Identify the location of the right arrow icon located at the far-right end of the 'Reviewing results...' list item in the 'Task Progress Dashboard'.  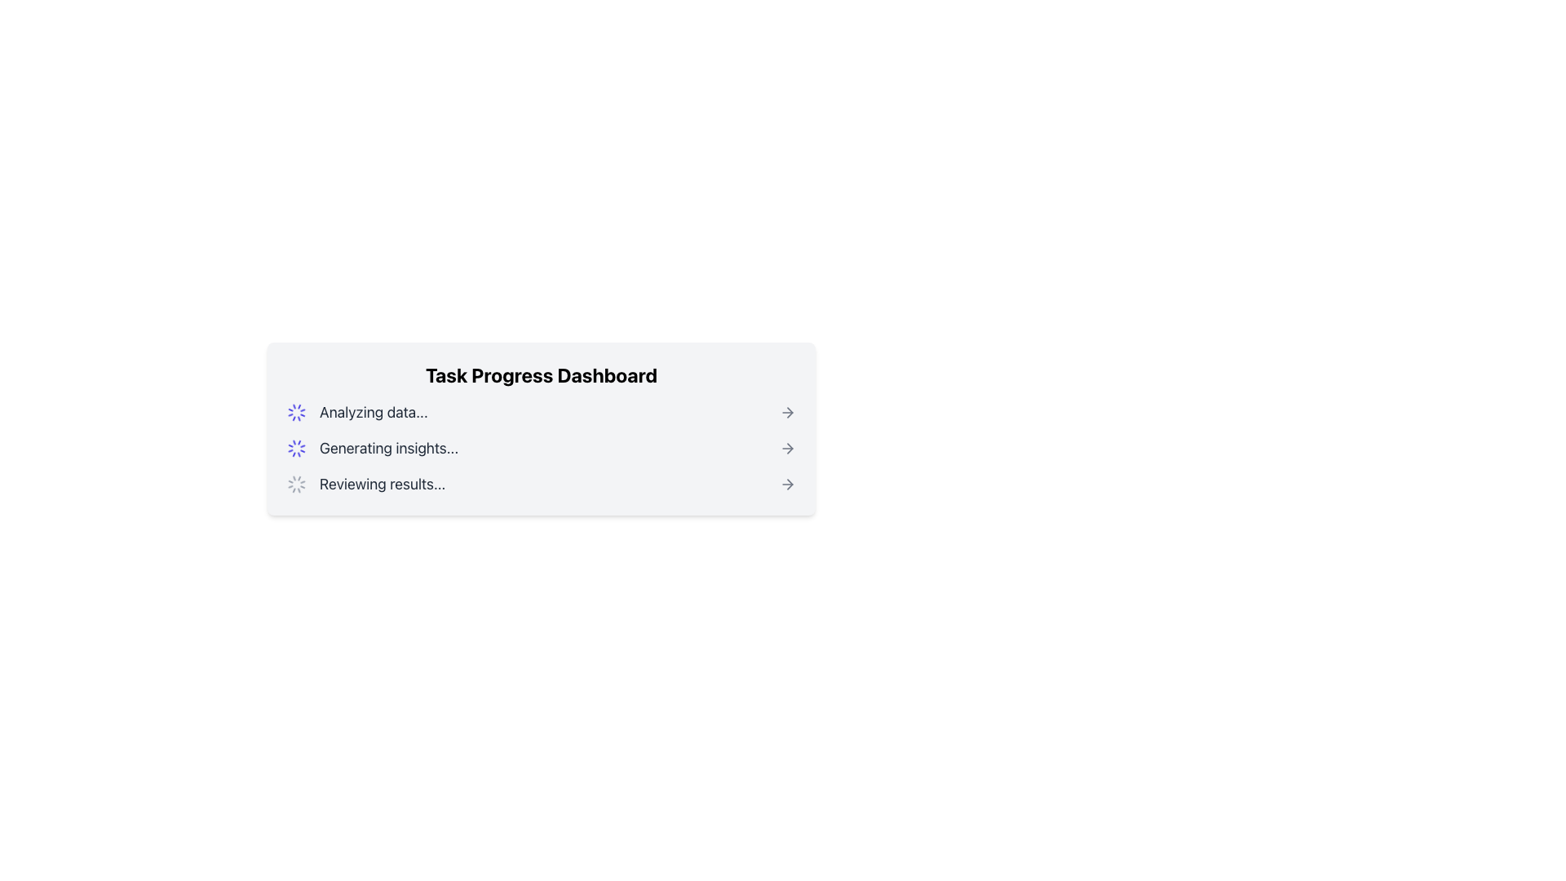
(790, 484).